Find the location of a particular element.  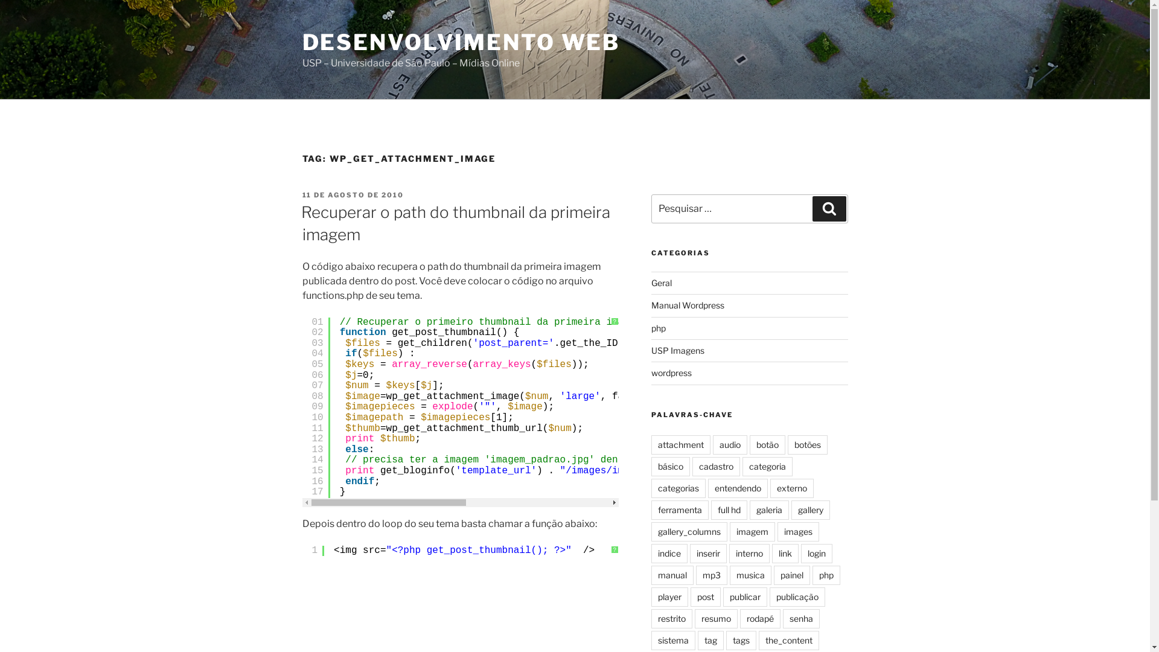

'cadastro' is located at coordinates (716, 465).